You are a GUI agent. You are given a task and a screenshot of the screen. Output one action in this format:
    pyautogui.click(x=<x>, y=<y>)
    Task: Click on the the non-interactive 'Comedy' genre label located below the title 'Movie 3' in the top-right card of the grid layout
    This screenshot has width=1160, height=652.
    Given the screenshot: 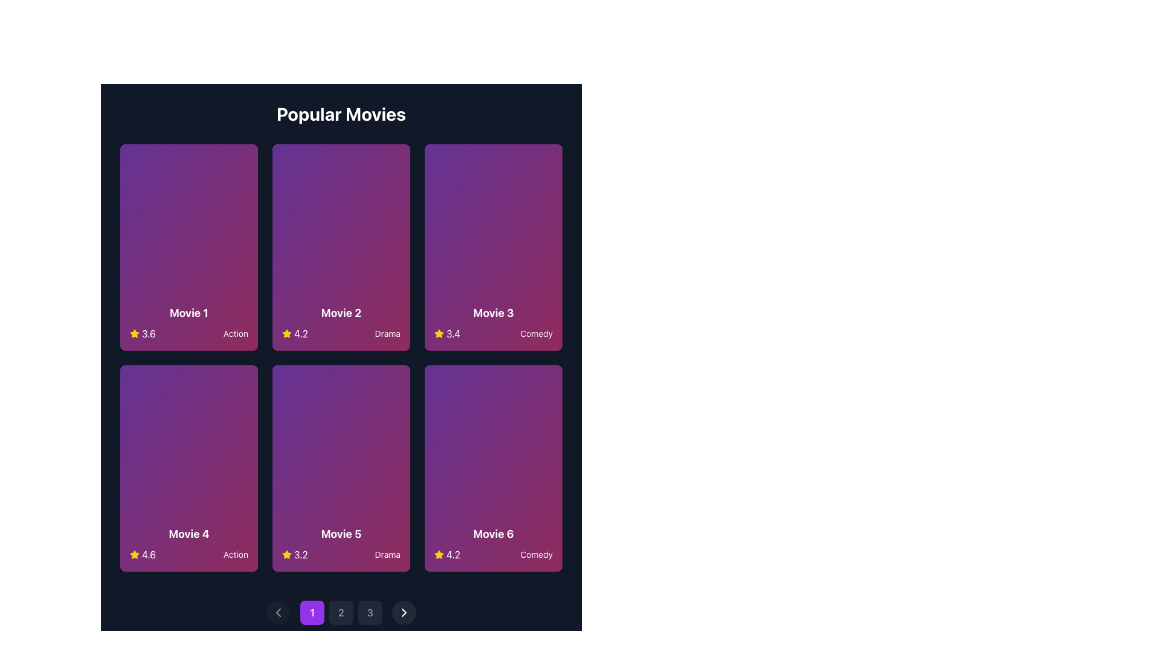 What is the action you would take?
    pyautogui.click(x=536, y=333)
    